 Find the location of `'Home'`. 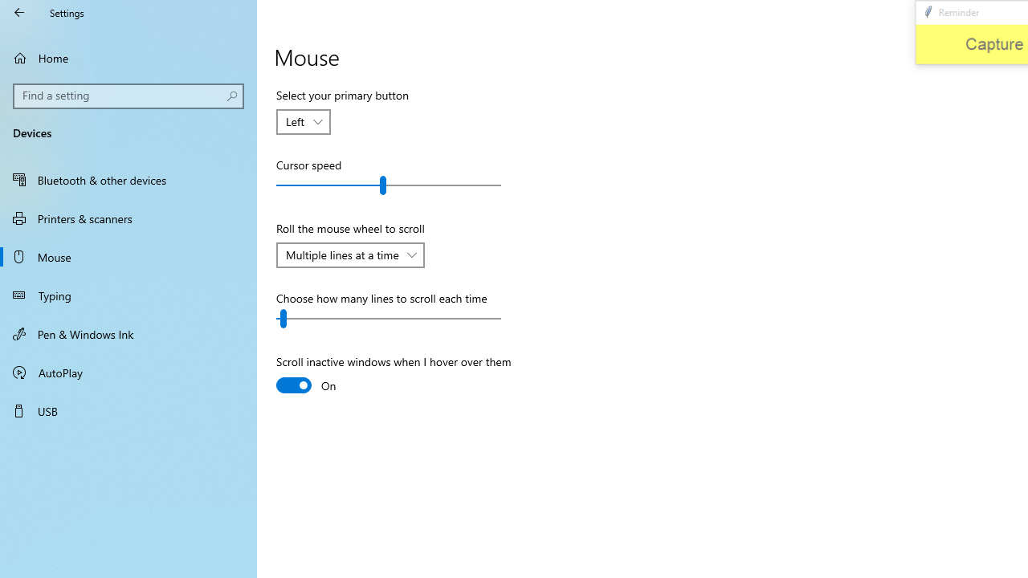

'Home' is located at coordinates (128, 57).